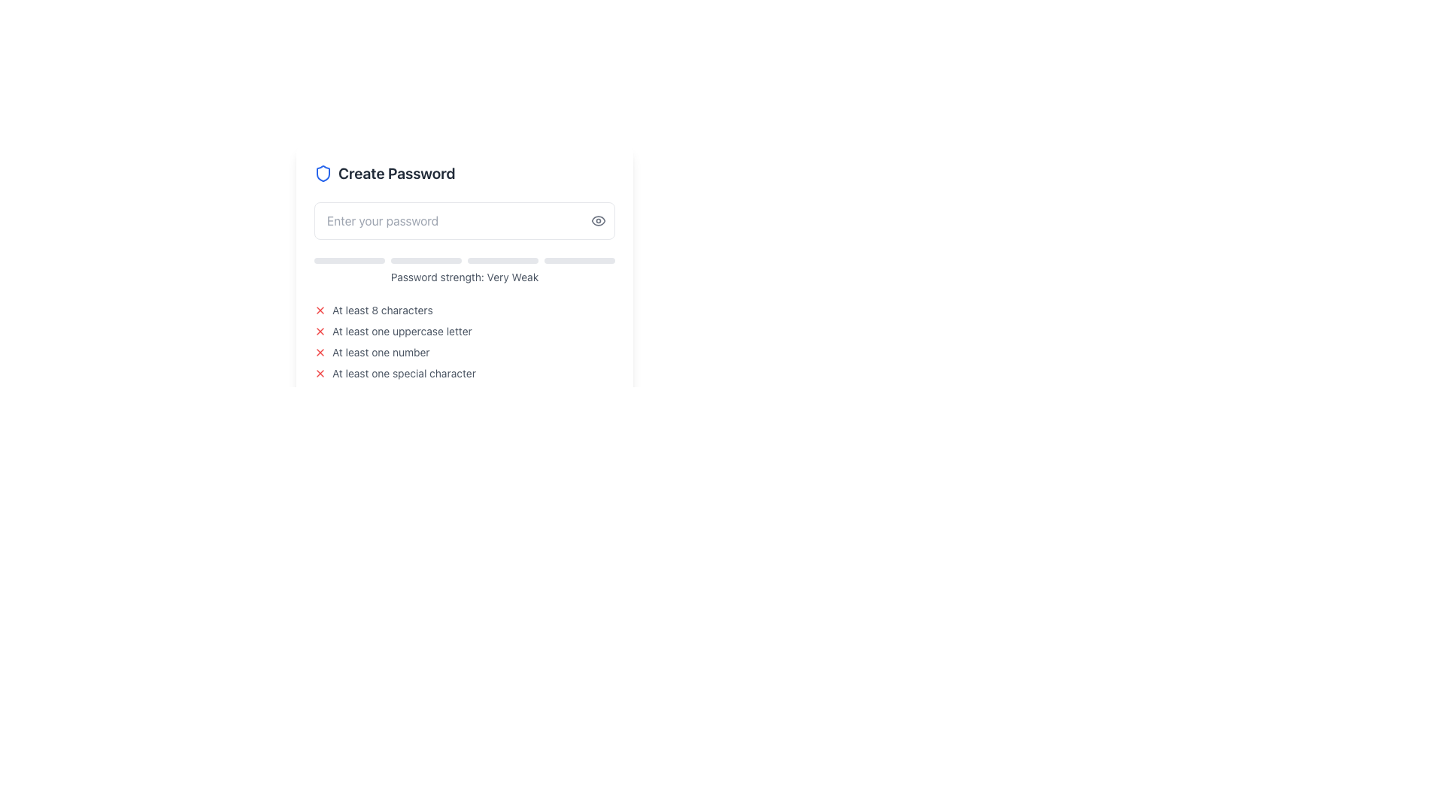 The height and width of the screenshot is (812, 1444). I want to click on the second password requirement message in the informational list, which indicates conditions such as 'At least one uppercase letter', located under the 'Password strength: Very Weak' label, so click(464, 342).